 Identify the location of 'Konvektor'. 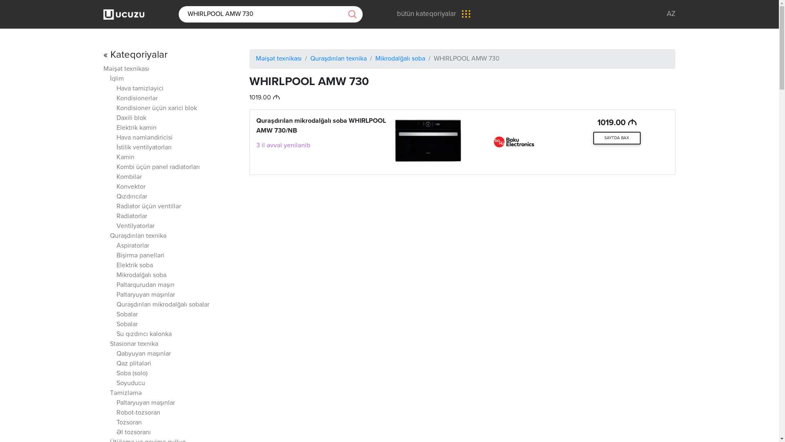
(116, 187).